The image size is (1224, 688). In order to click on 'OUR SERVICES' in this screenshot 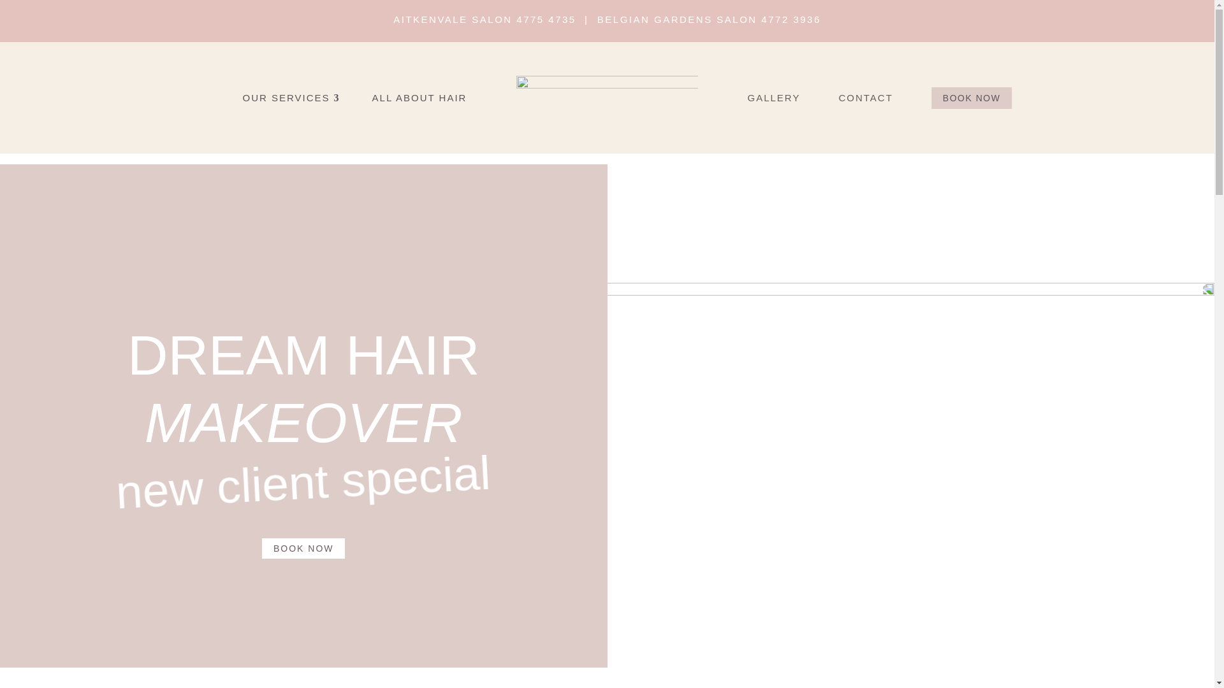, I will do `click(274, 97)`.